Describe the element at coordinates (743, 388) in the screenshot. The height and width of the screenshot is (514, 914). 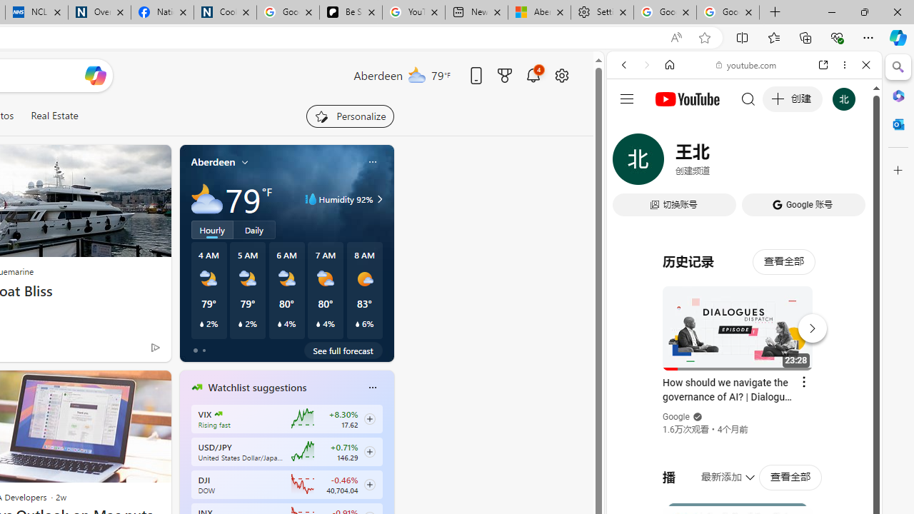
I see `'Music'` at that location.